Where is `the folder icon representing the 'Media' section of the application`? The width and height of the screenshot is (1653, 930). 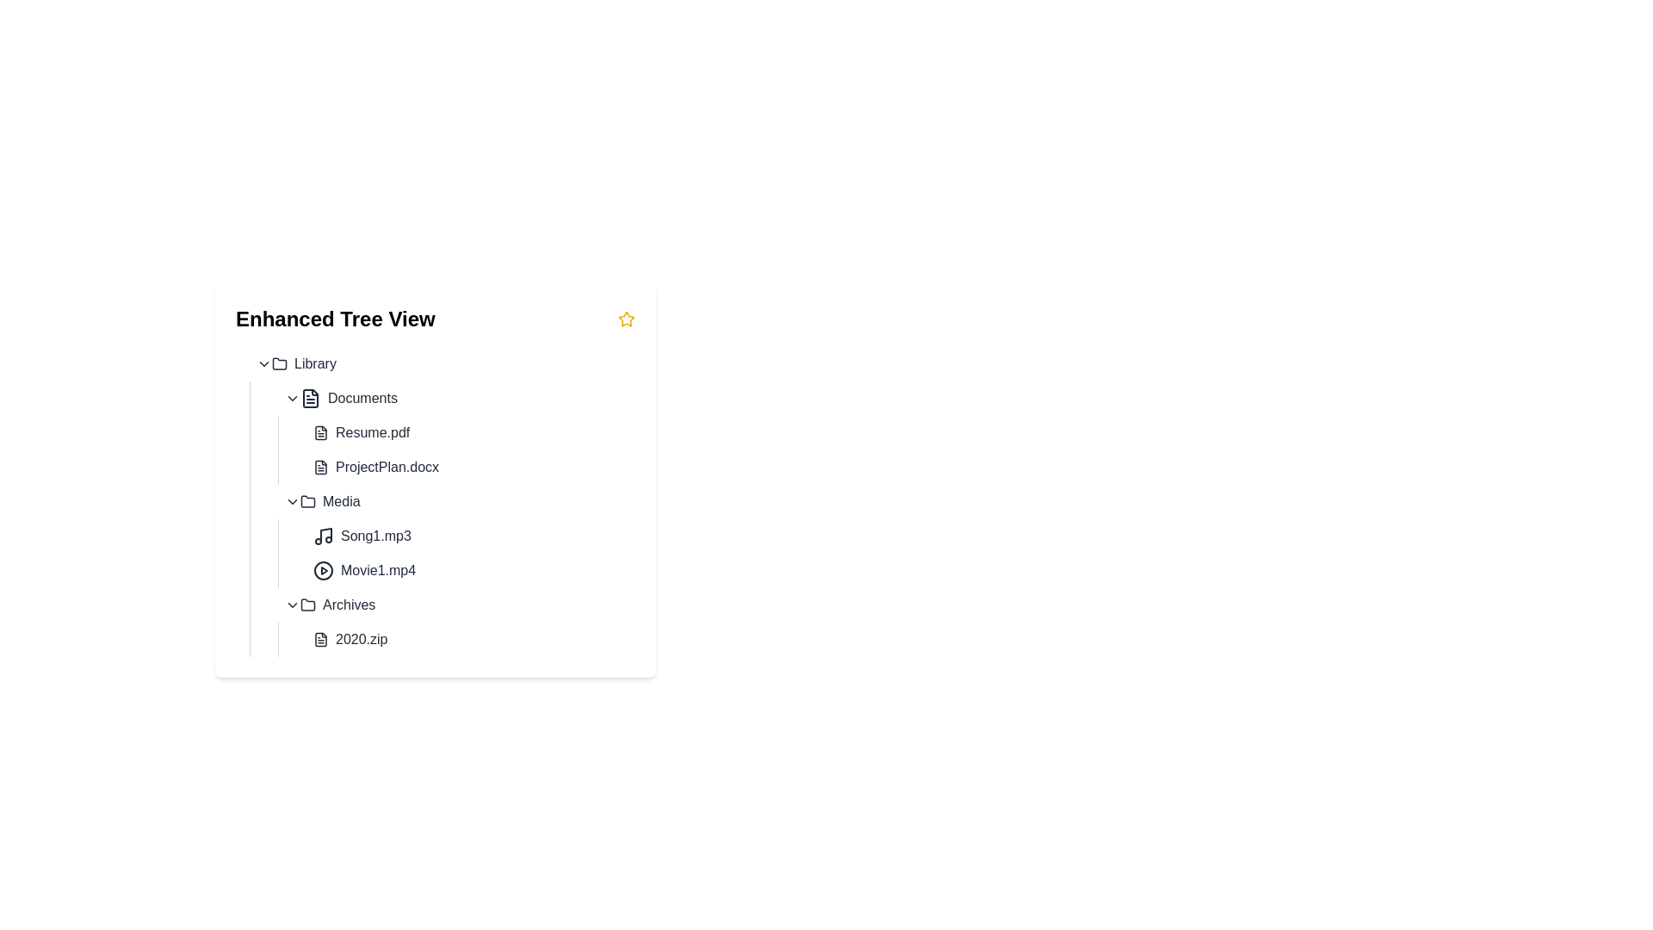 the folder icon representing the 'Media' section of the application is located at coordinates (308, 501).